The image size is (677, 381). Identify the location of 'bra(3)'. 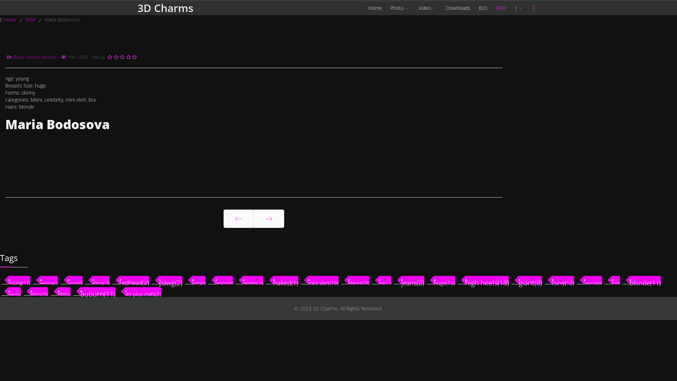
(615, 280).